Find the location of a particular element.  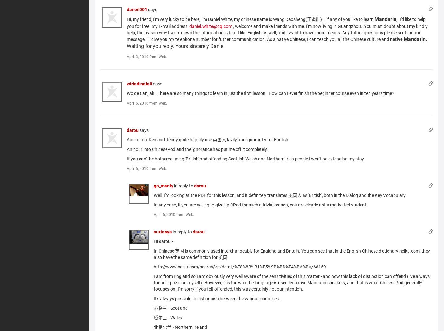

'April 3, 2010 from Web.' is located at coordinates (147, 57).